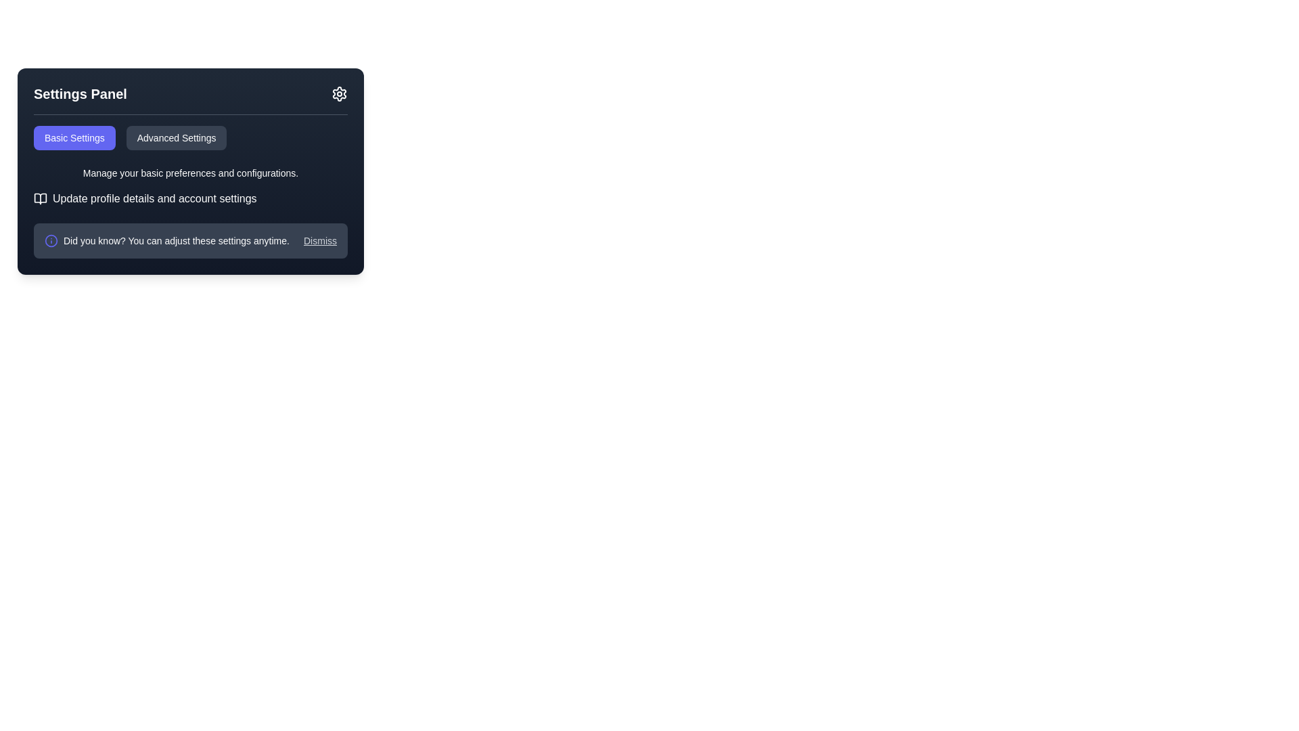  Describe the element at coordinates (190, 138) in the screenshot. I see `the 'Advanced Settings' button in the Button group located in the Settings Panel` at that location.